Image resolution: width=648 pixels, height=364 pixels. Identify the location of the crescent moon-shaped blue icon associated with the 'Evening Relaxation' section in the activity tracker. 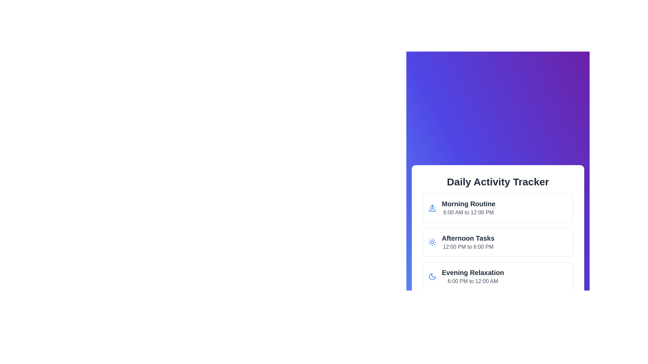
(432, 277).